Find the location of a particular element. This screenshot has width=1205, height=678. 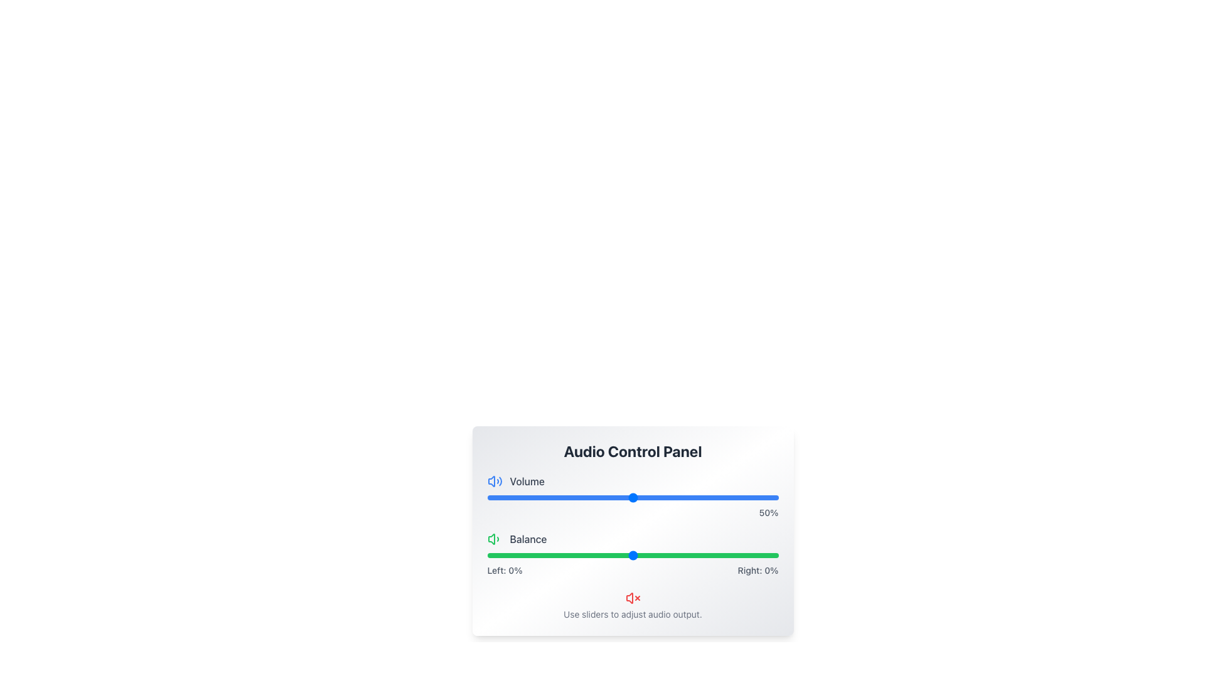

the slider value is located at coordinates (510, 497).